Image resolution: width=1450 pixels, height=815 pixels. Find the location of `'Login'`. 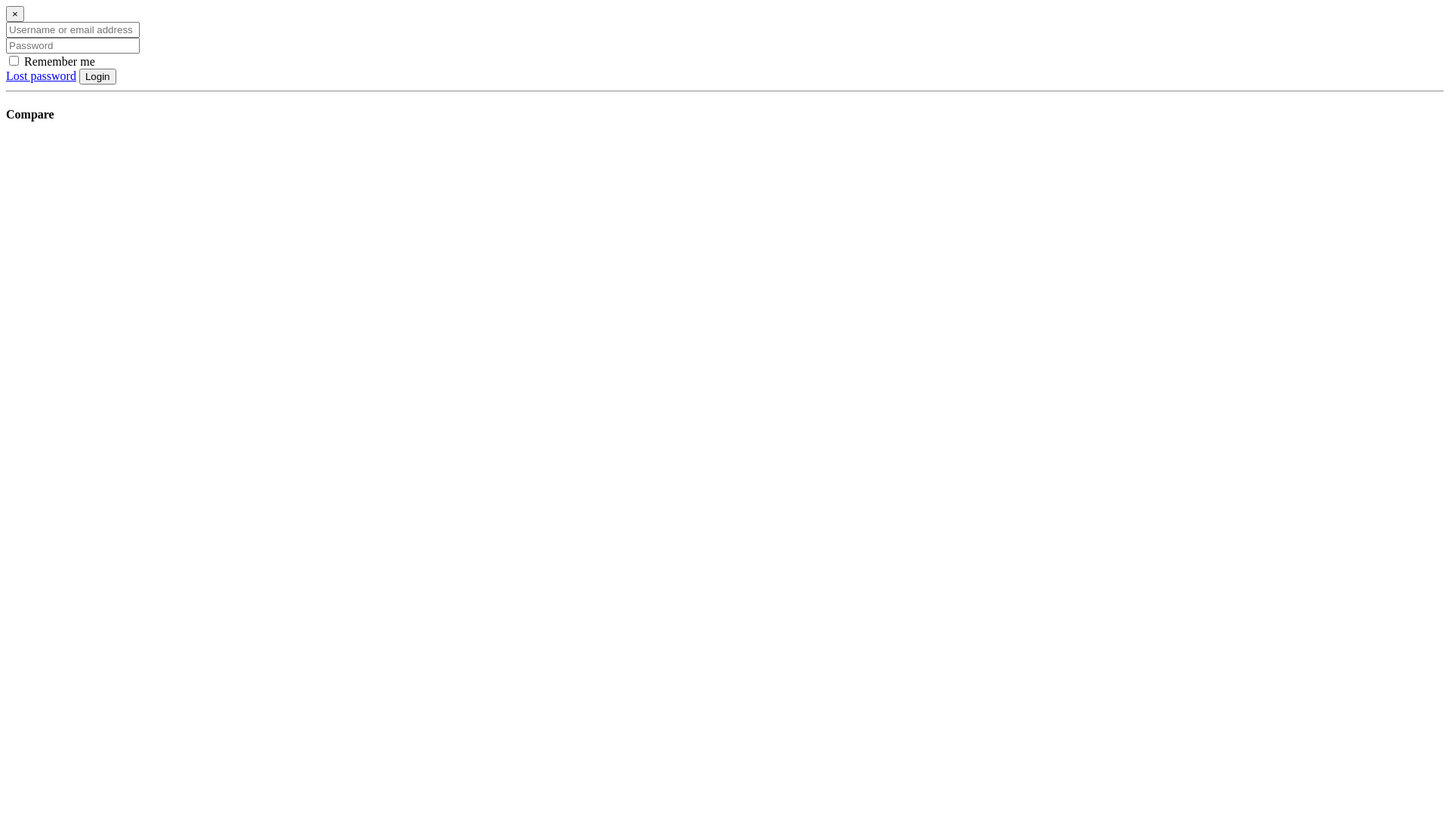

'Login' is located at coordinates (97, 76).